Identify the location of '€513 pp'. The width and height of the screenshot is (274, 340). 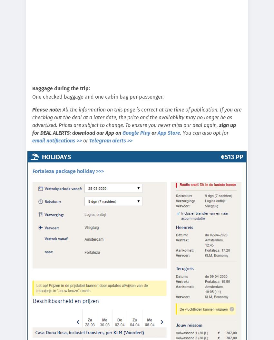
(232, 157).